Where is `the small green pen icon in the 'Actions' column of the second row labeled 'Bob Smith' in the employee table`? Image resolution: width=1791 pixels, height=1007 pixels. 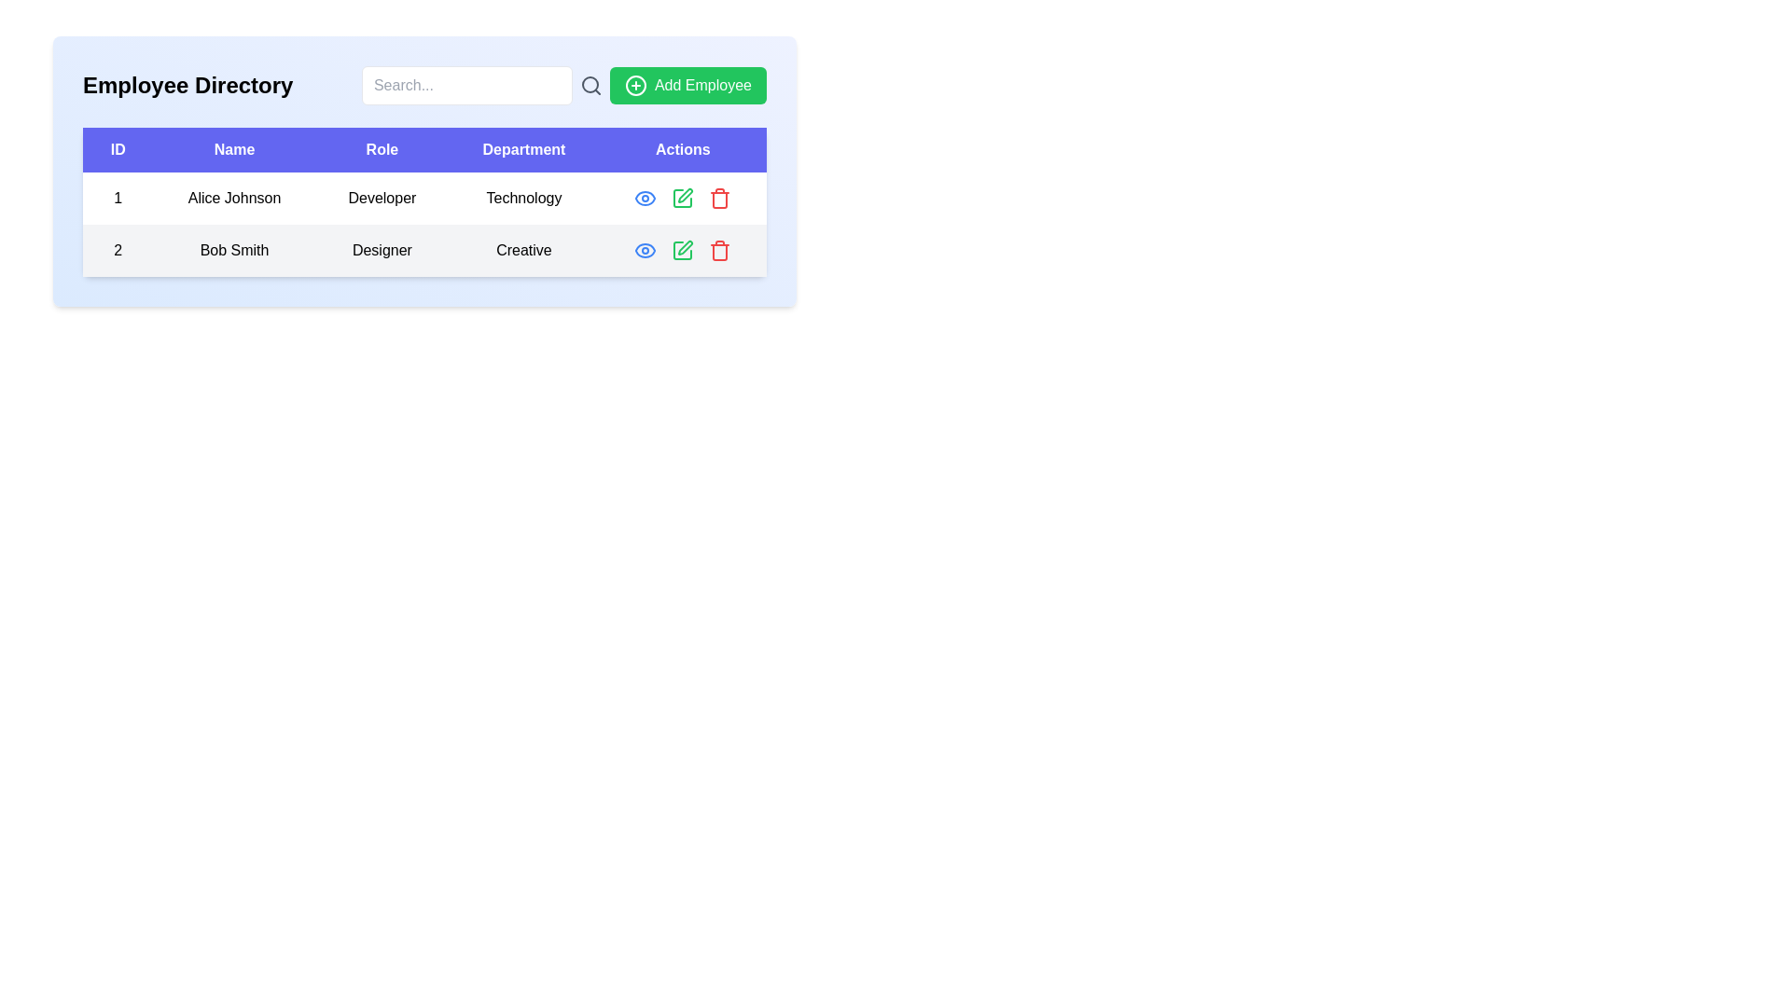 the small green pen icon in the 'Actions' column of the second row labeled 'Bob Smith' in the employee table is located at coordinates (685, 195).